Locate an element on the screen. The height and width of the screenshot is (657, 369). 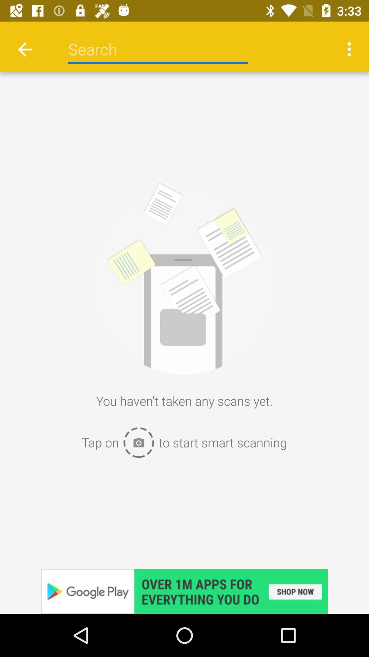
open google play is located at coordinates (184, 591).